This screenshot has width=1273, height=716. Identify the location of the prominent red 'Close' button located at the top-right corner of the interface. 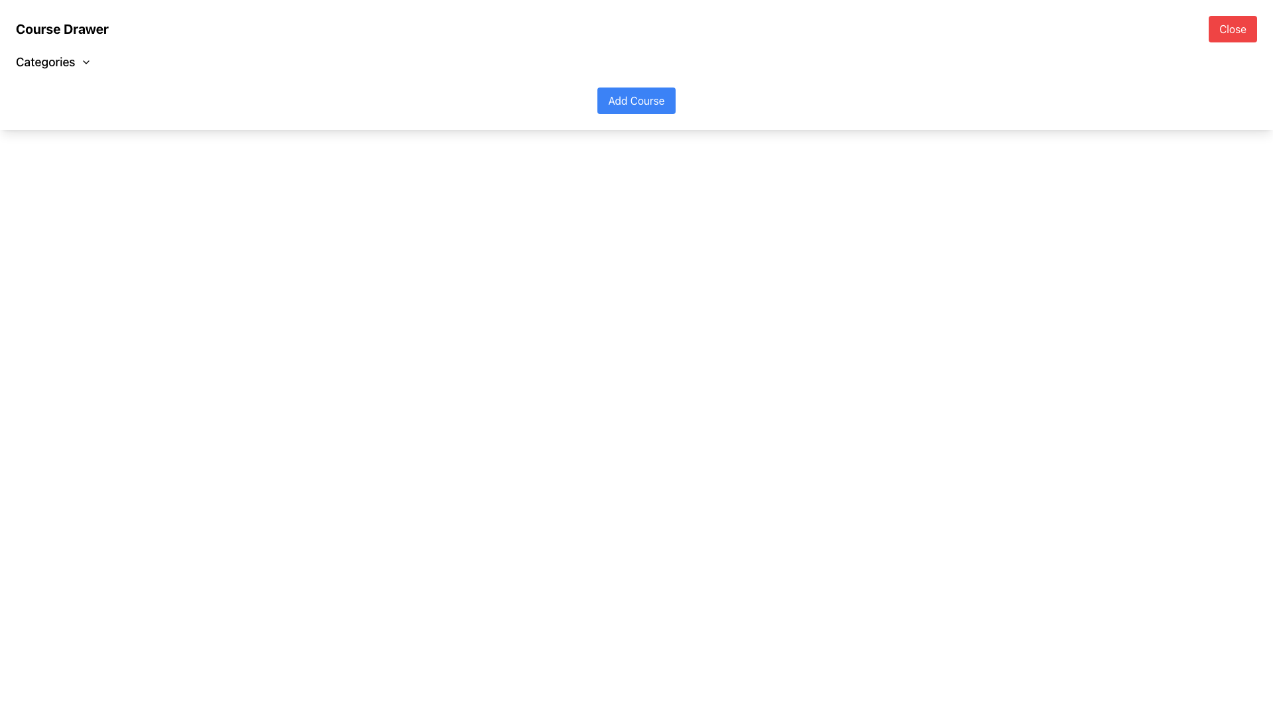
(1232, 29).